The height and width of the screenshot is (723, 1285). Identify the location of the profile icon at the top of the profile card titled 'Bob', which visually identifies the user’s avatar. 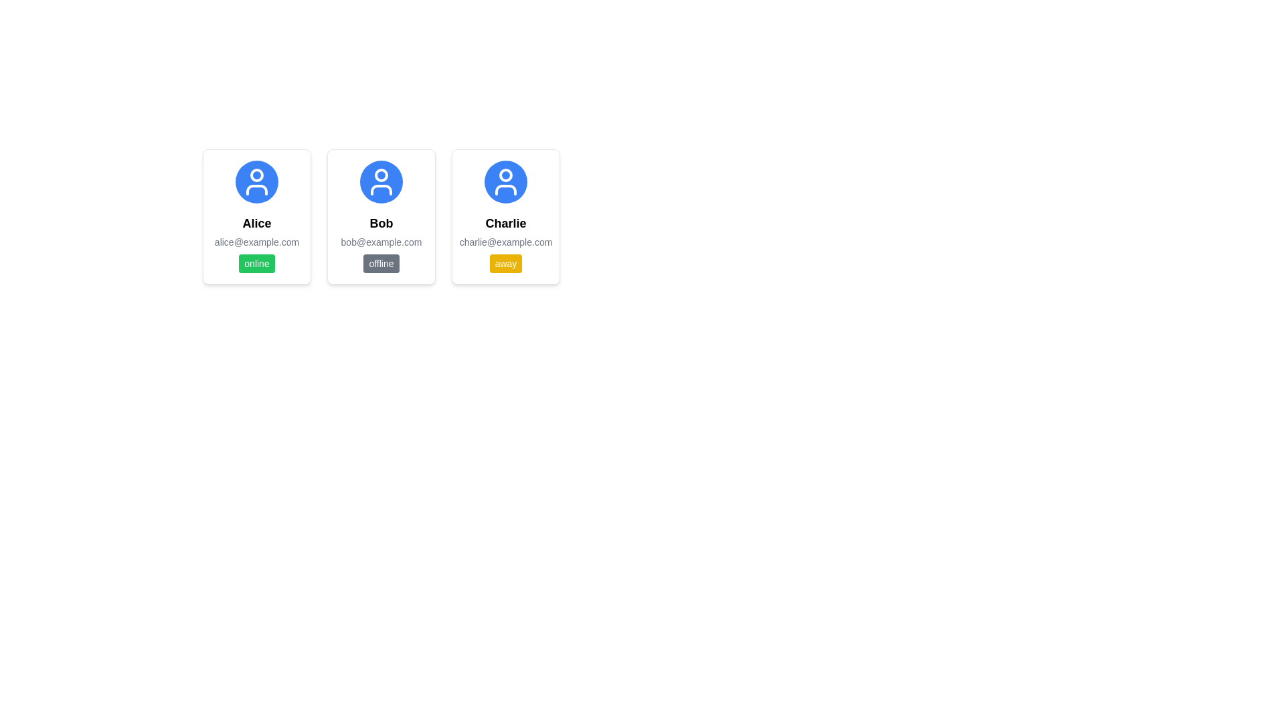
(381, 182).